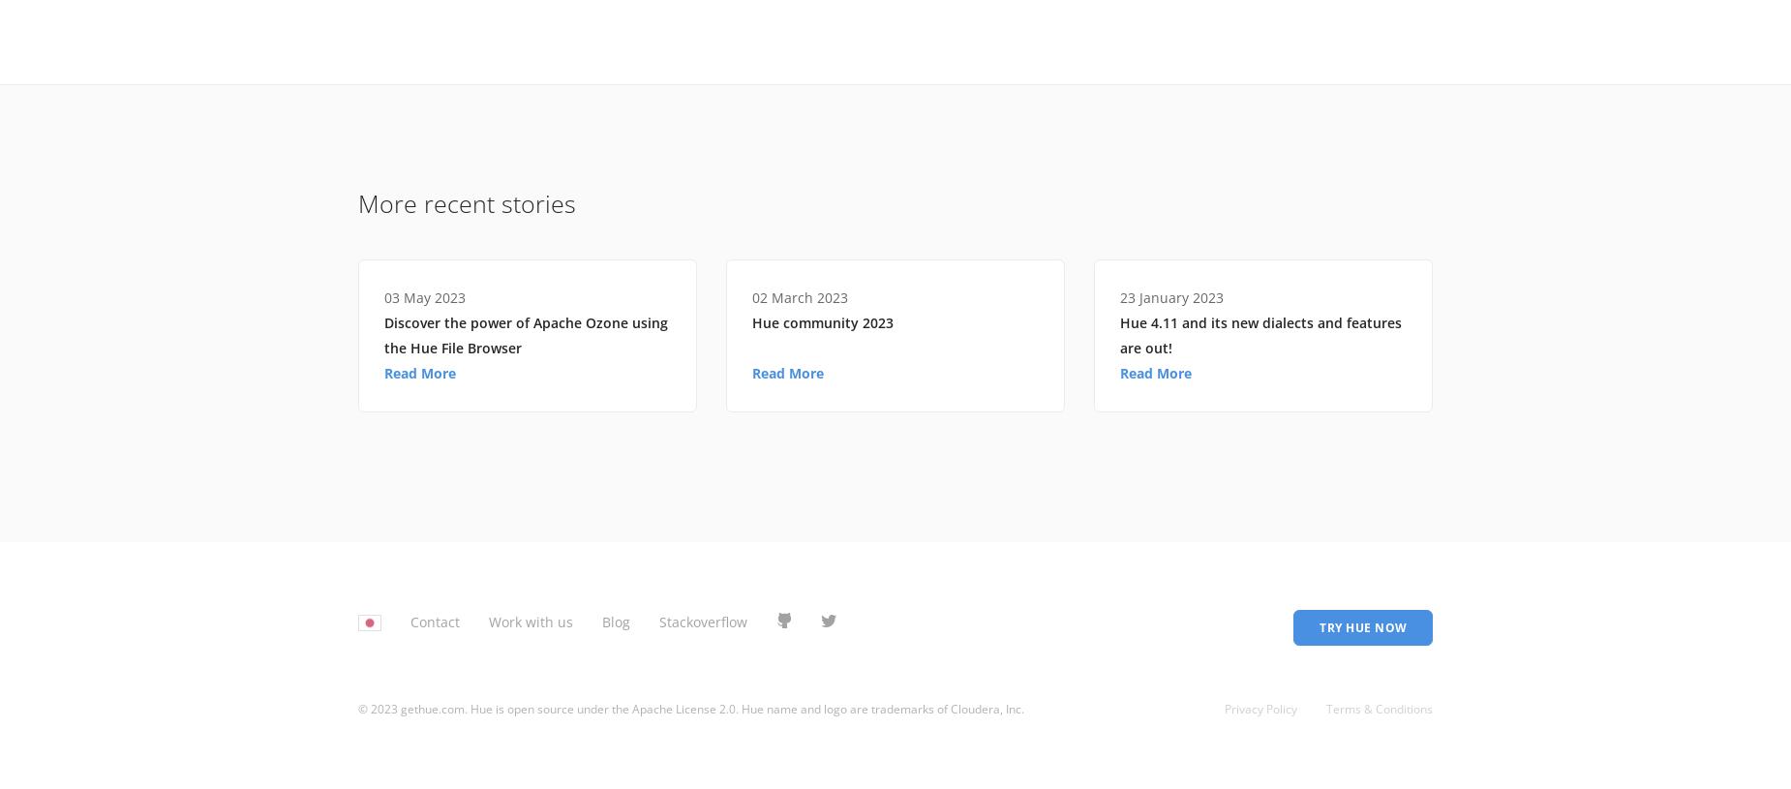 The image size is (1791, 789). Describe the element at coordinates (467, 201) in the screenshot. I see `'More recent stories'` at that location.